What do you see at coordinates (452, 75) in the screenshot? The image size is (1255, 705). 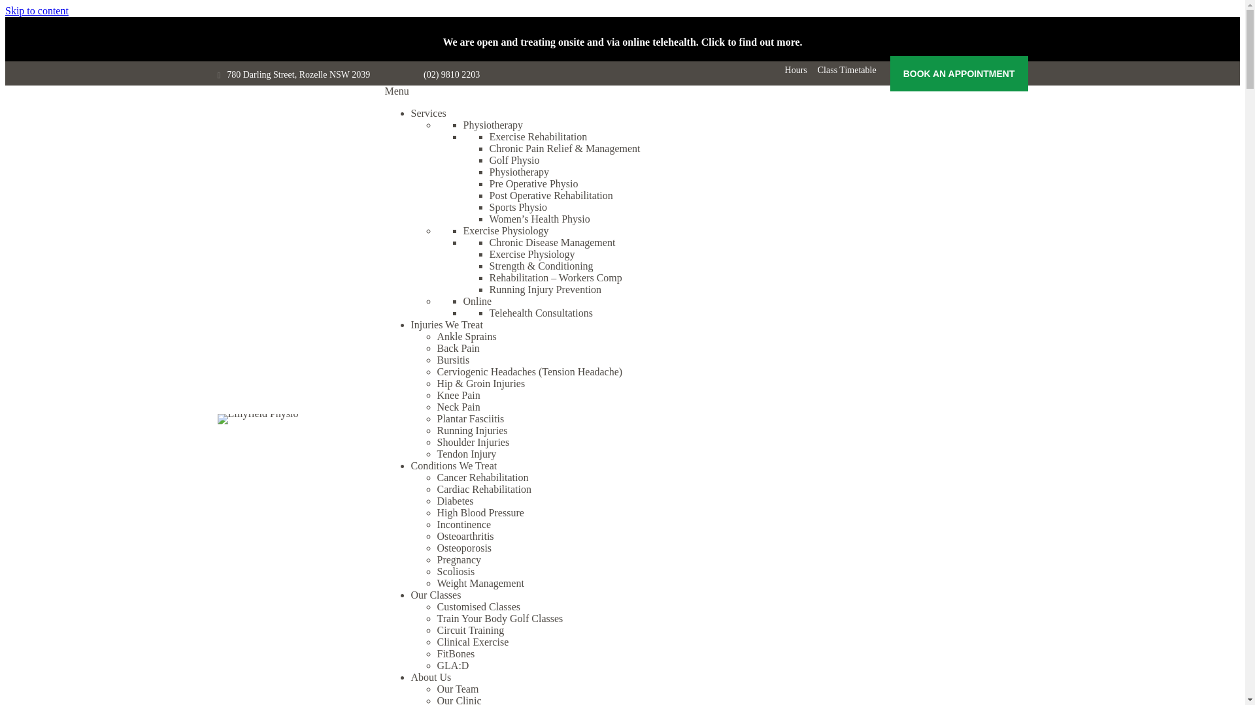 I see `'(02) 9810 2203'` at bounding box center [452, 75].